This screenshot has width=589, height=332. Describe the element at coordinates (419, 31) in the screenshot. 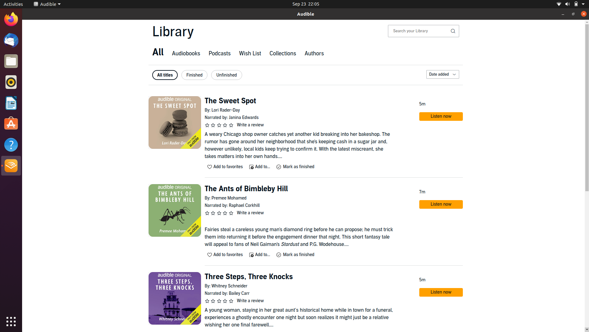

I see `Look up "The 7 Habits of Highly Effective People" in the library search bar` at that location.